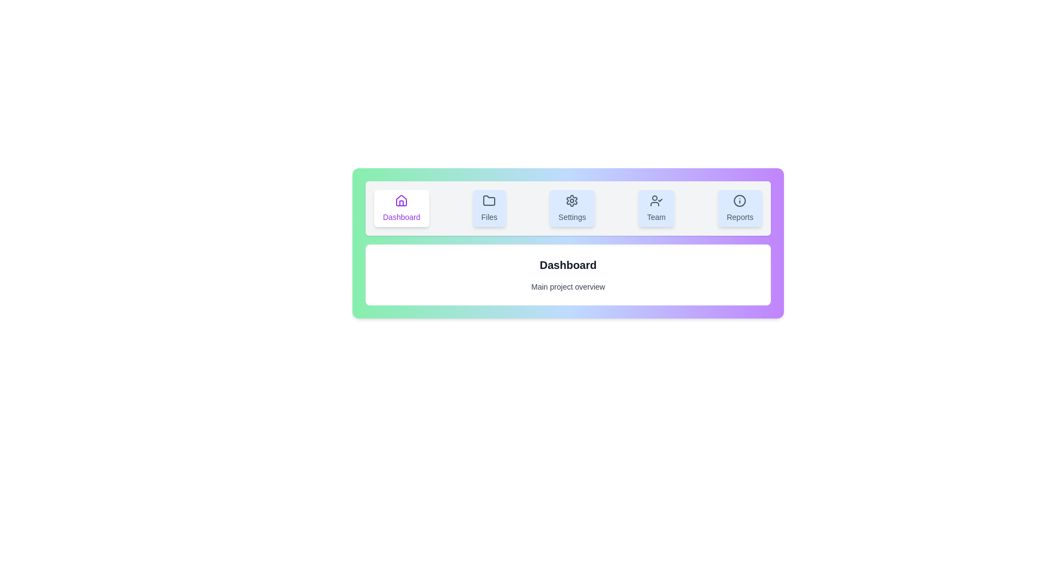  What do you see at coordinates (401, 208) in the screenshot?
I see `the tab labeled Dashboard to observe the visual feedback` at bounding box center [401, 208].